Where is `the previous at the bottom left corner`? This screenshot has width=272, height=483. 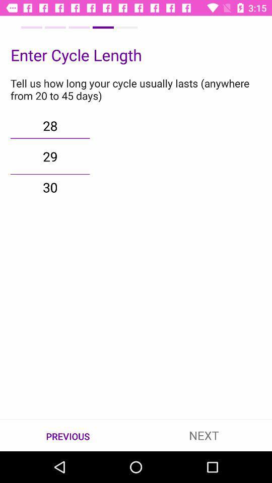 the previous at the bottom left corner is located at coordinates (68, 435).